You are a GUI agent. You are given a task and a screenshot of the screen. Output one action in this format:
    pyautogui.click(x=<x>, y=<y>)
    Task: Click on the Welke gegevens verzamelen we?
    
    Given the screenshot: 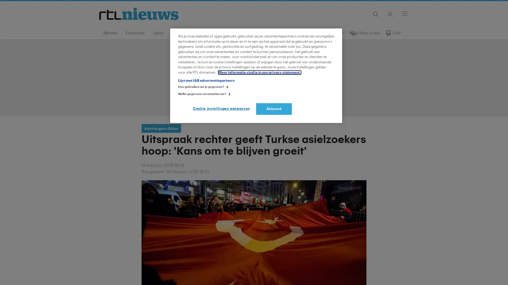 What is the action you would take?
    pyautogui.click(x=180, y=94)
    